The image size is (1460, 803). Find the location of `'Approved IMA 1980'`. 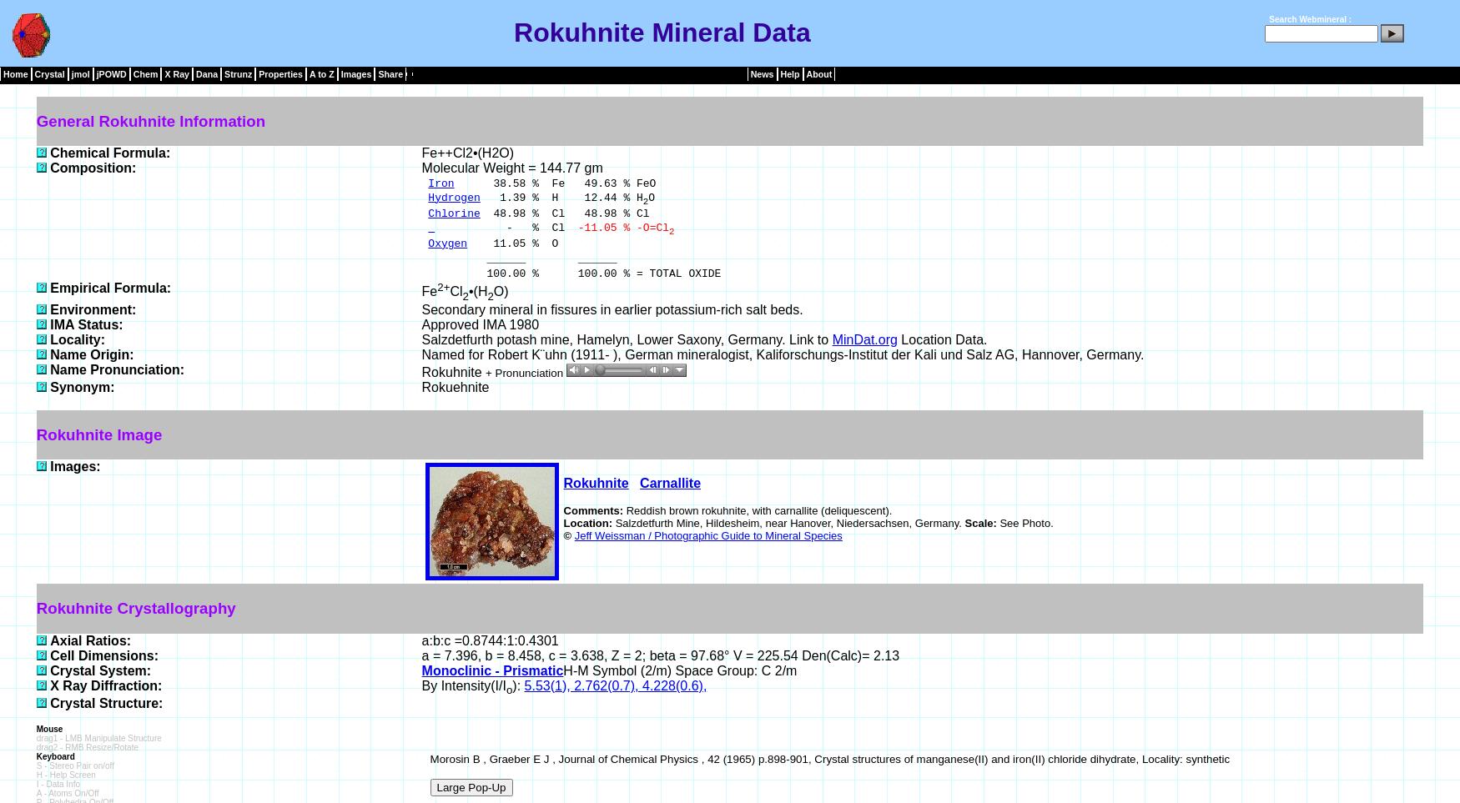

'Approved IMA 1980' is located at coordinates (480, 323).